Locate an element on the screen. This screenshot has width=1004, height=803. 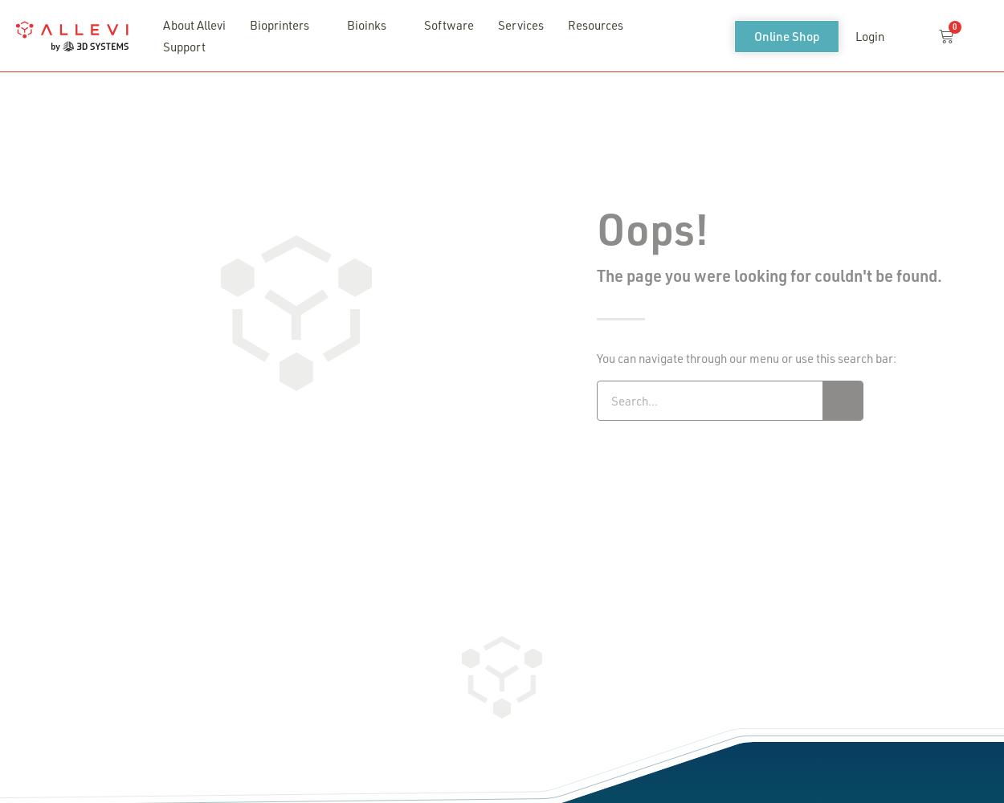
'Oops!' is located at coordinates (652, 226).